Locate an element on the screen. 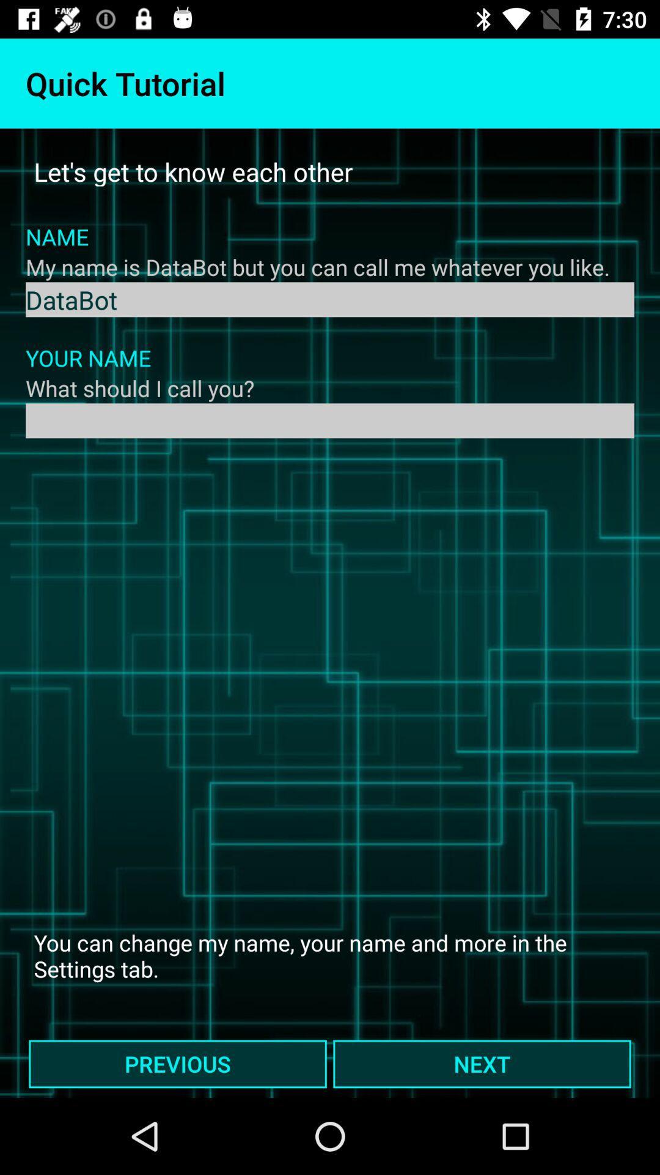 The height and width of the screenshot is (1175, 660). your name is located at coordinates (330, 420).